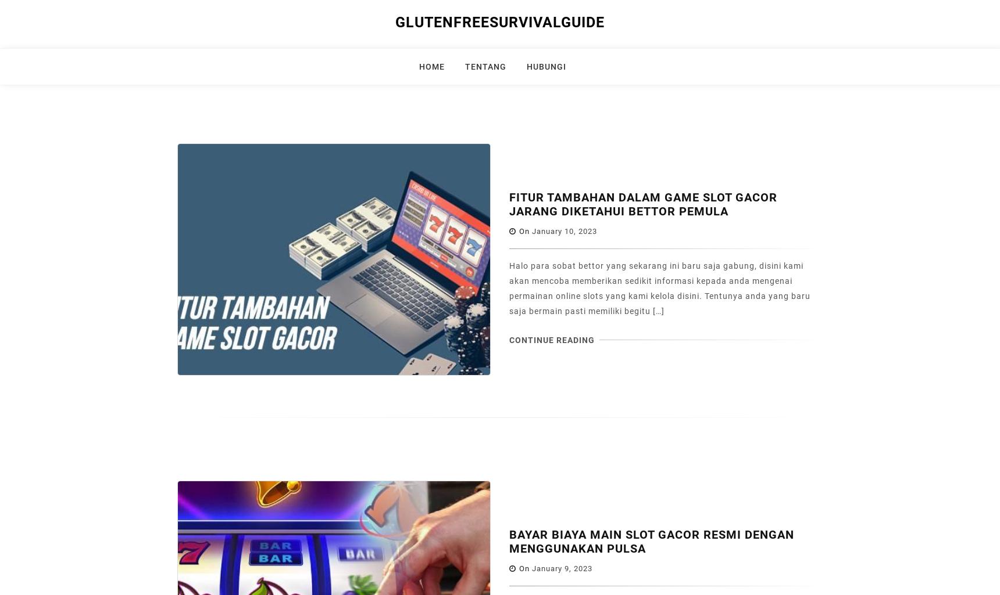  What do you see at coordinates (643, 203) in the screenshot?
I see `'Fitur Tambahan Dalam Game Slot Gacor Jarang Diketahui Bettor Pemula'` at bounding box center [643, 203].